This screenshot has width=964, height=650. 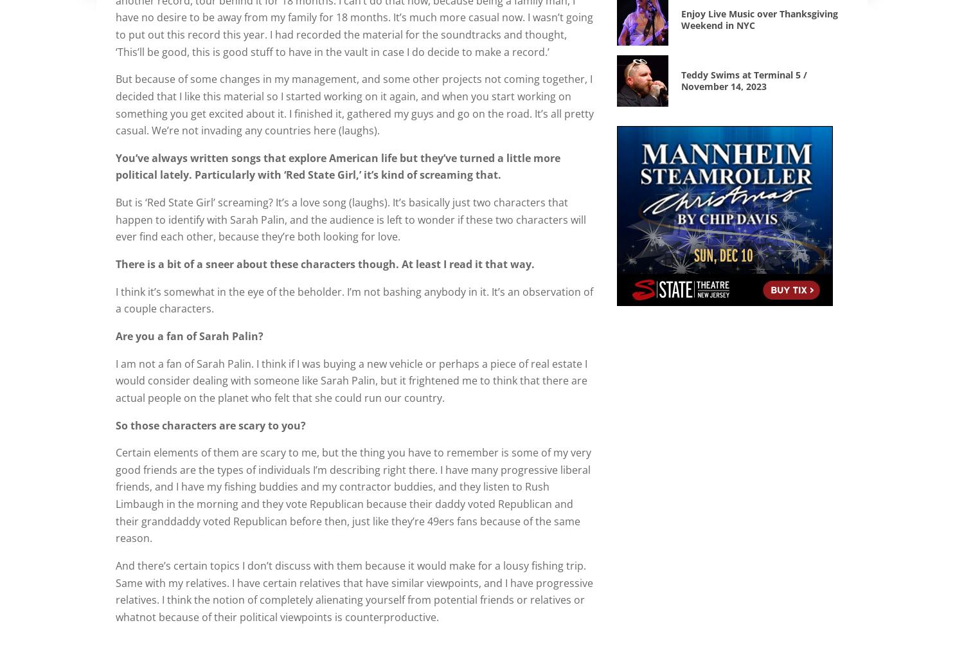 I want to click on 'Teddy Swims at Terminal 5 / November 14, 2023', so click(x=681, y=79).